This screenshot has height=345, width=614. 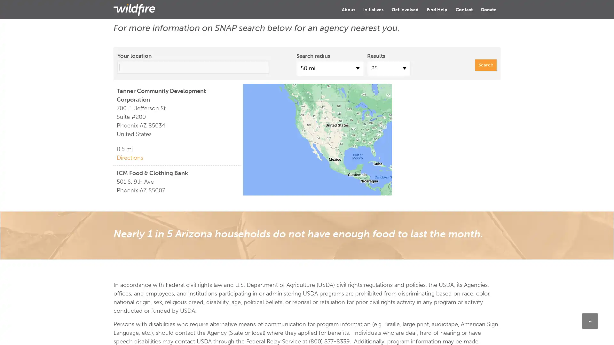 I want to click on Keogh HC- Moya Elementary School, so click(x=351, y=134).